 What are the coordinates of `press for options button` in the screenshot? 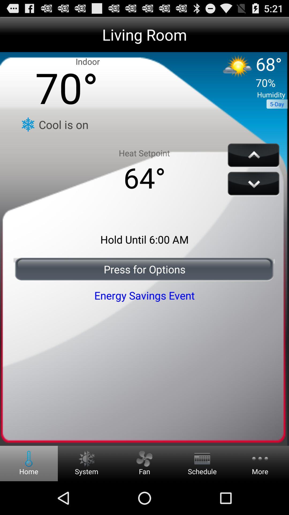 It's located at (144, 269).